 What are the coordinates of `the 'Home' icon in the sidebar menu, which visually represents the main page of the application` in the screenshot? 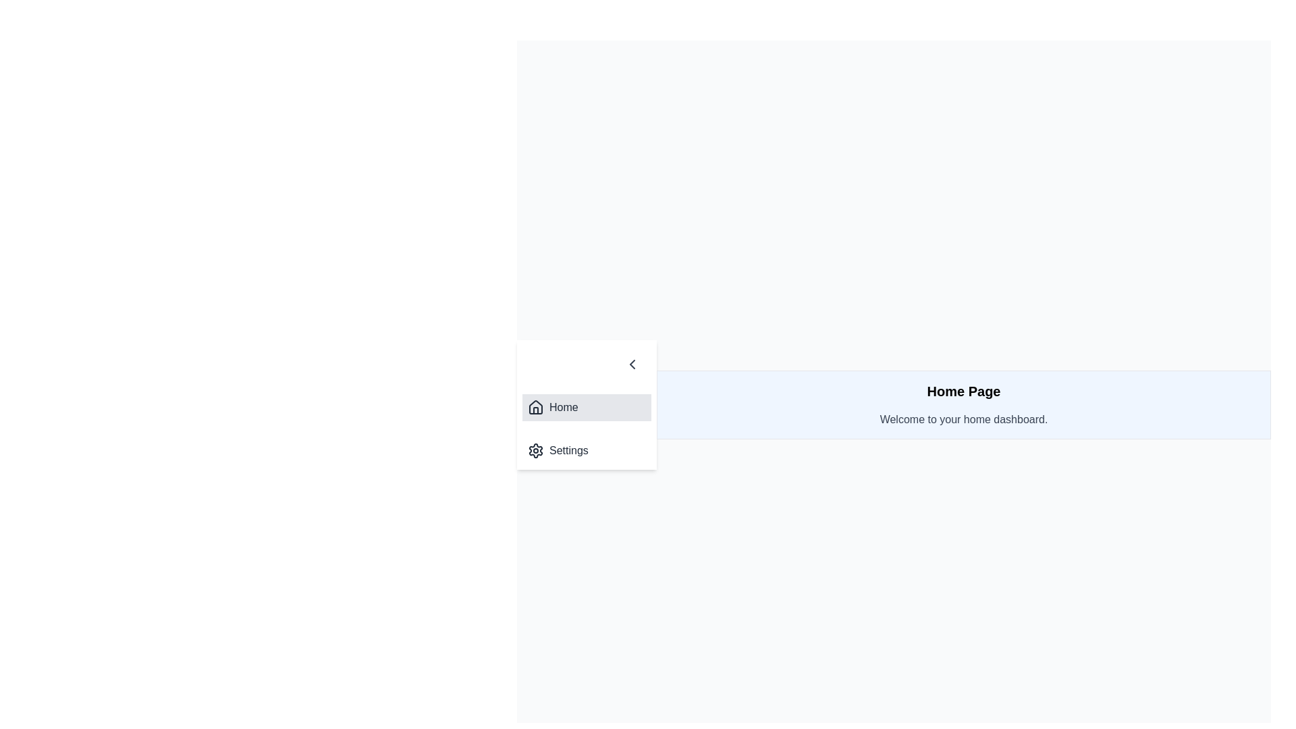 It's located at (535, 407).